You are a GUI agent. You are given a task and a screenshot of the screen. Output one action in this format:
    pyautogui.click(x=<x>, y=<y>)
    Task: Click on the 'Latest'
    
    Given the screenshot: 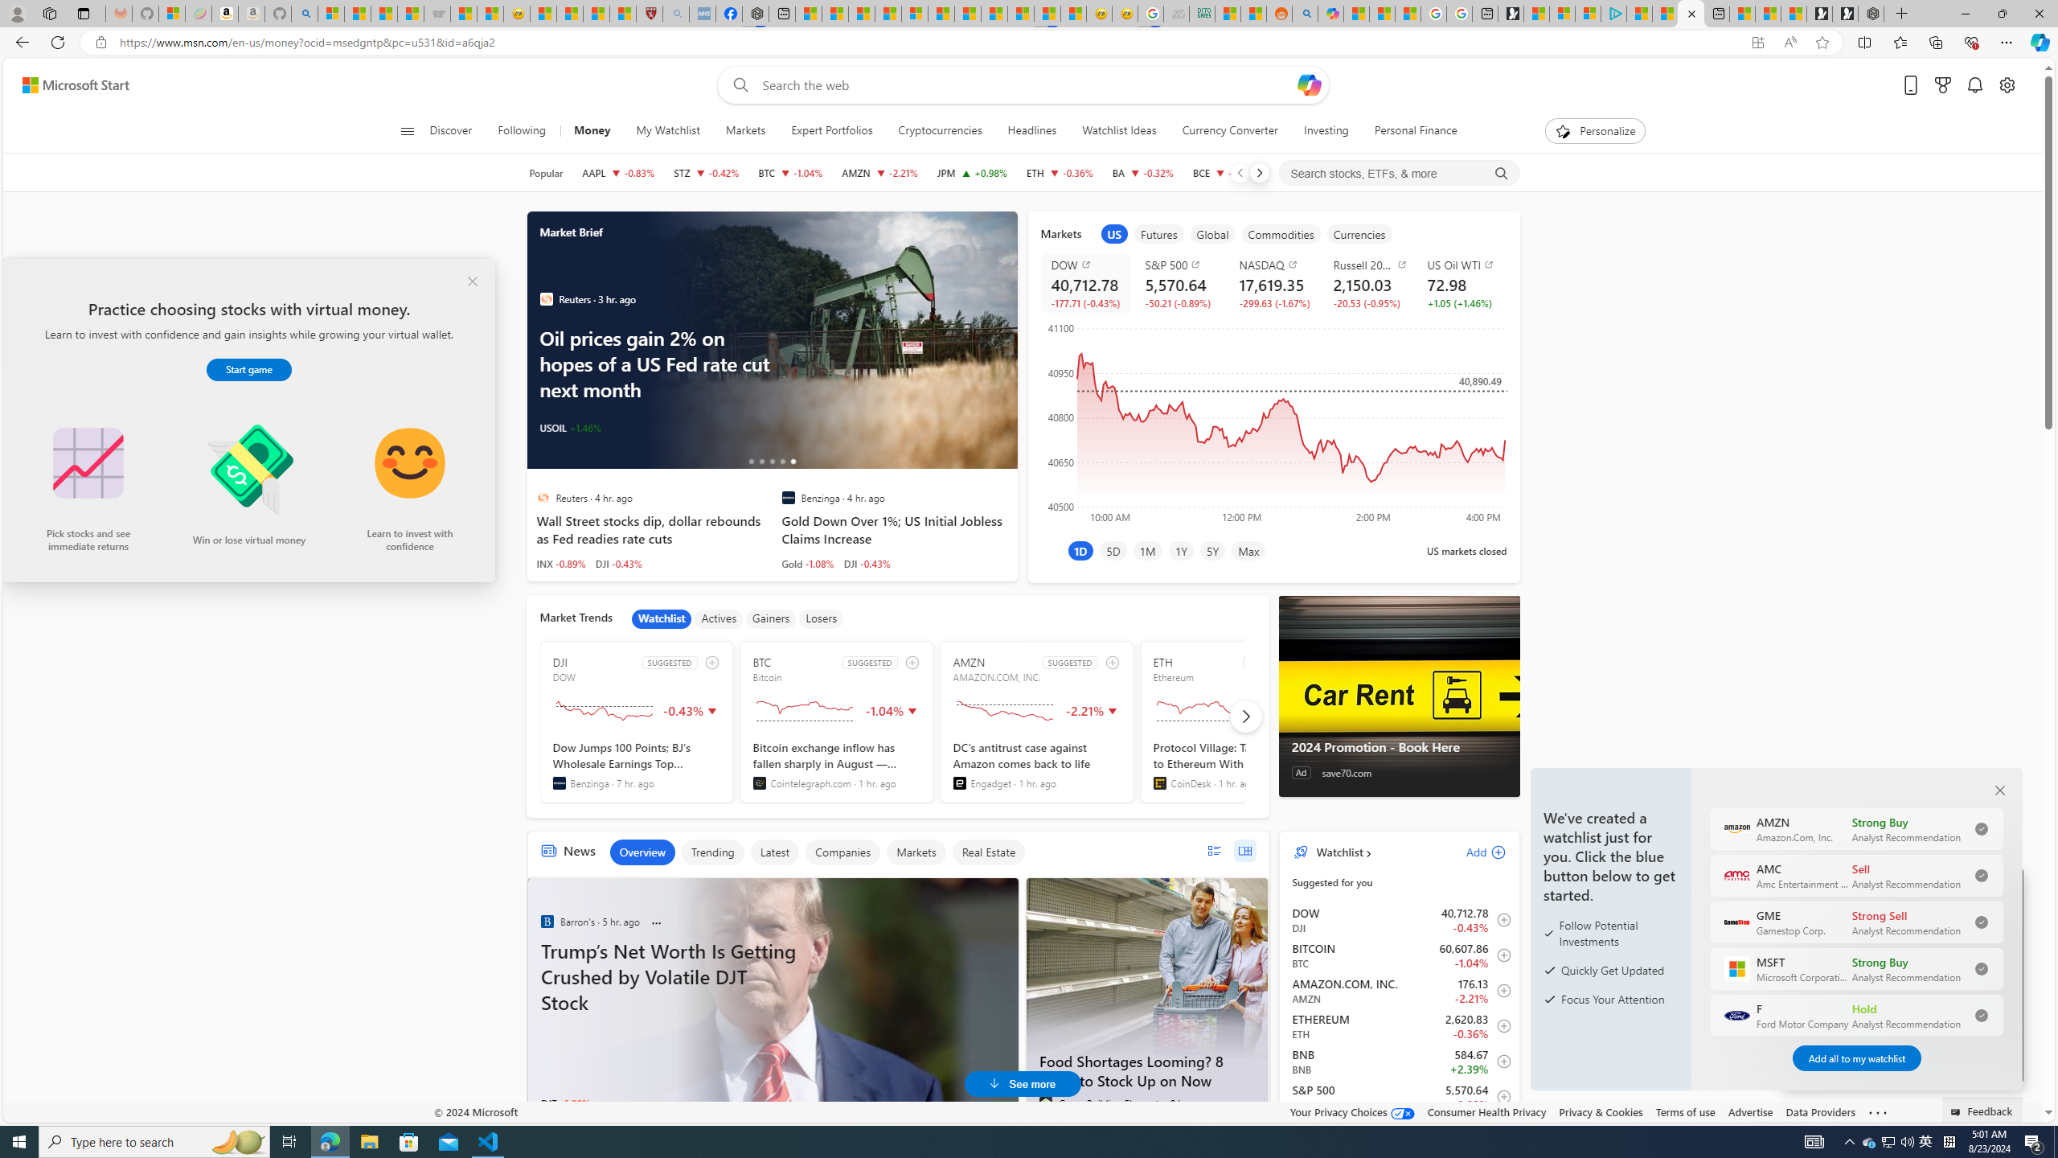 What is the action you would take?
    pyautogui.click(x=773, y=851)
    